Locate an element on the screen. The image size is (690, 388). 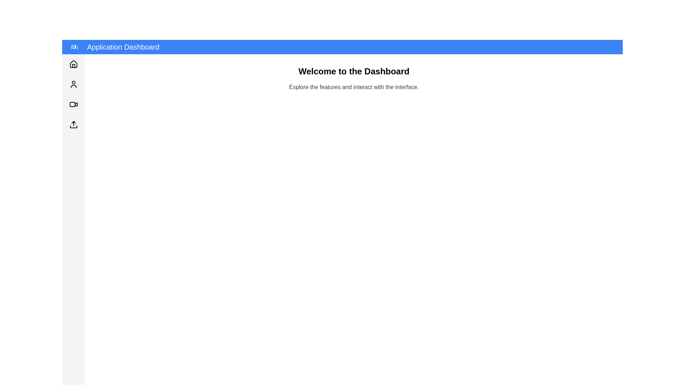
the 'Home' IconButton located at the top of the vertical navigation bar on the left side is located at coordinates (74, 64).